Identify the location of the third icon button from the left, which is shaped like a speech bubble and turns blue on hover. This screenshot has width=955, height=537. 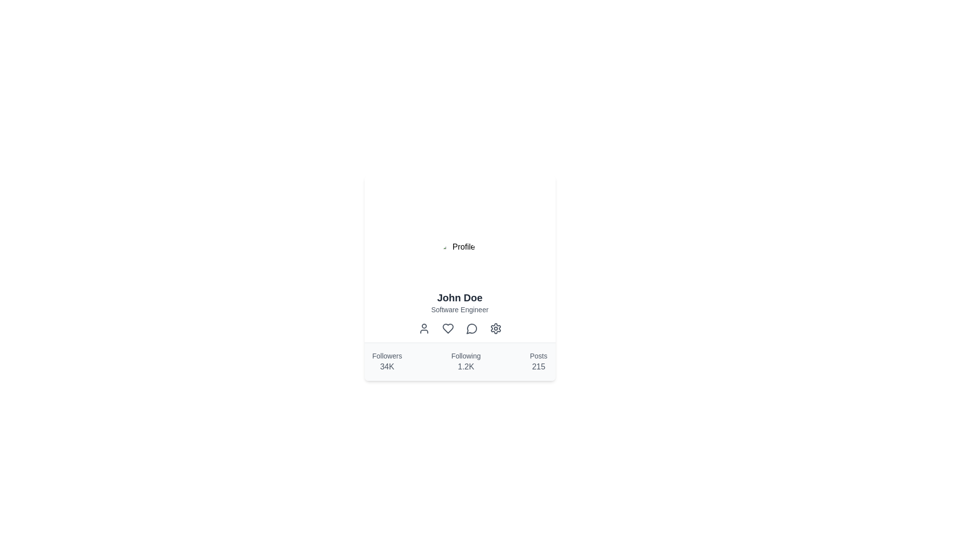
(471, 328).